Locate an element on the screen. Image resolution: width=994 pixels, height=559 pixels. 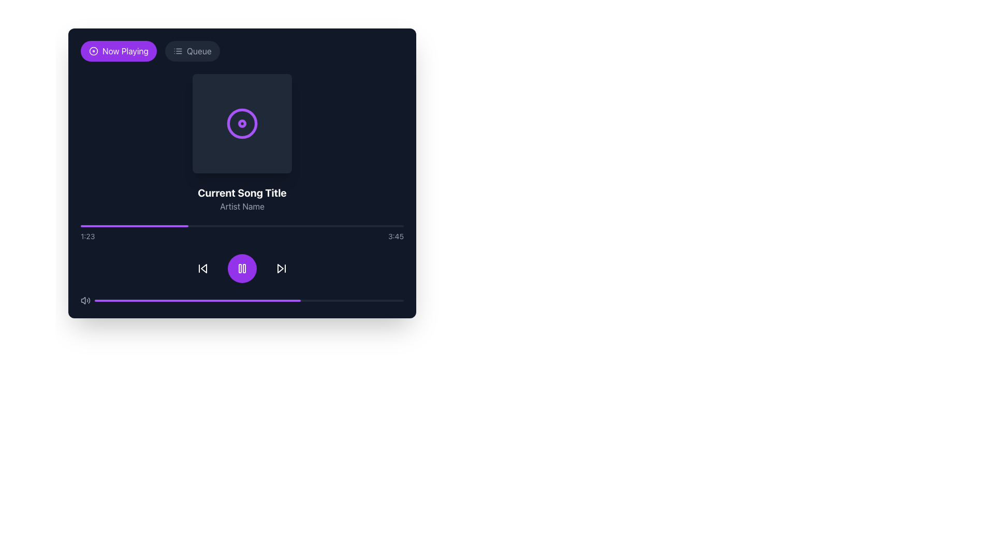
the playback progress is located at coordinates (128, 225).